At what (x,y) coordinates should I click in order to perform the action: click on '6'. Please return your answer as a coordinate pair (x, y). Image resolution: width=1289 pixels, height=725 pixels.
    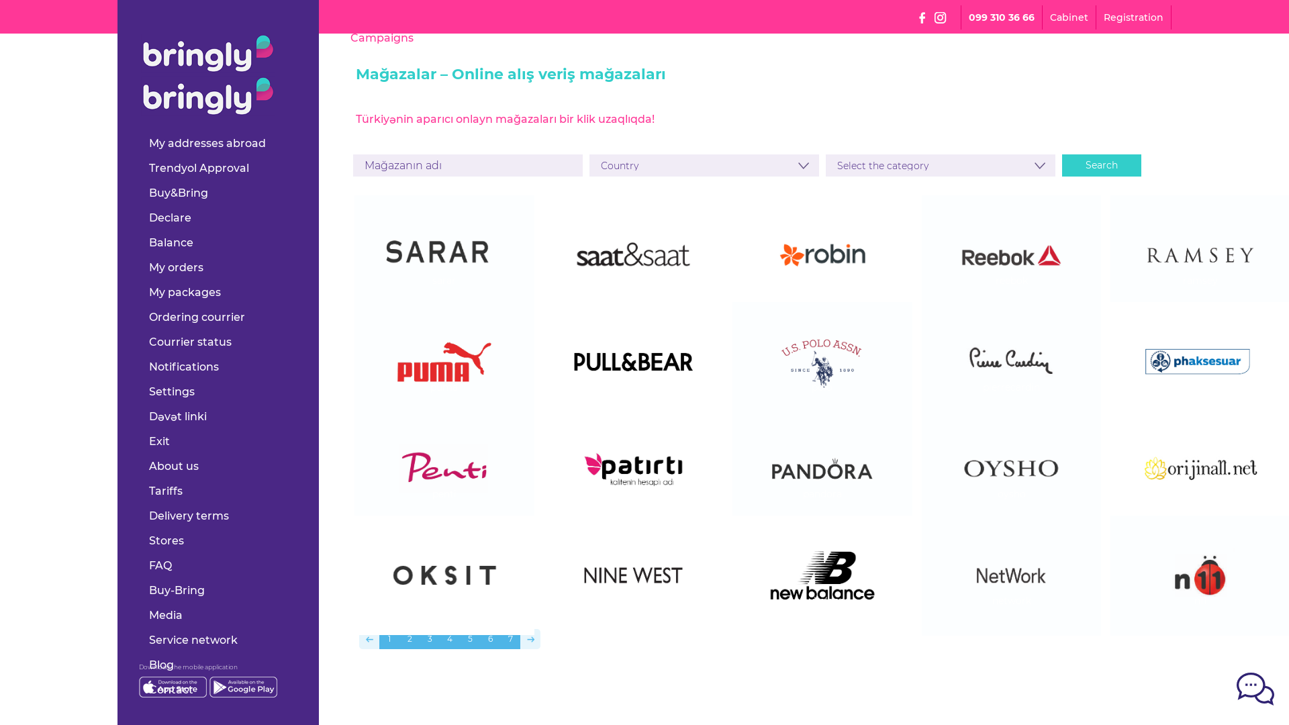
    Looking at the image, I should click on (489, 638).